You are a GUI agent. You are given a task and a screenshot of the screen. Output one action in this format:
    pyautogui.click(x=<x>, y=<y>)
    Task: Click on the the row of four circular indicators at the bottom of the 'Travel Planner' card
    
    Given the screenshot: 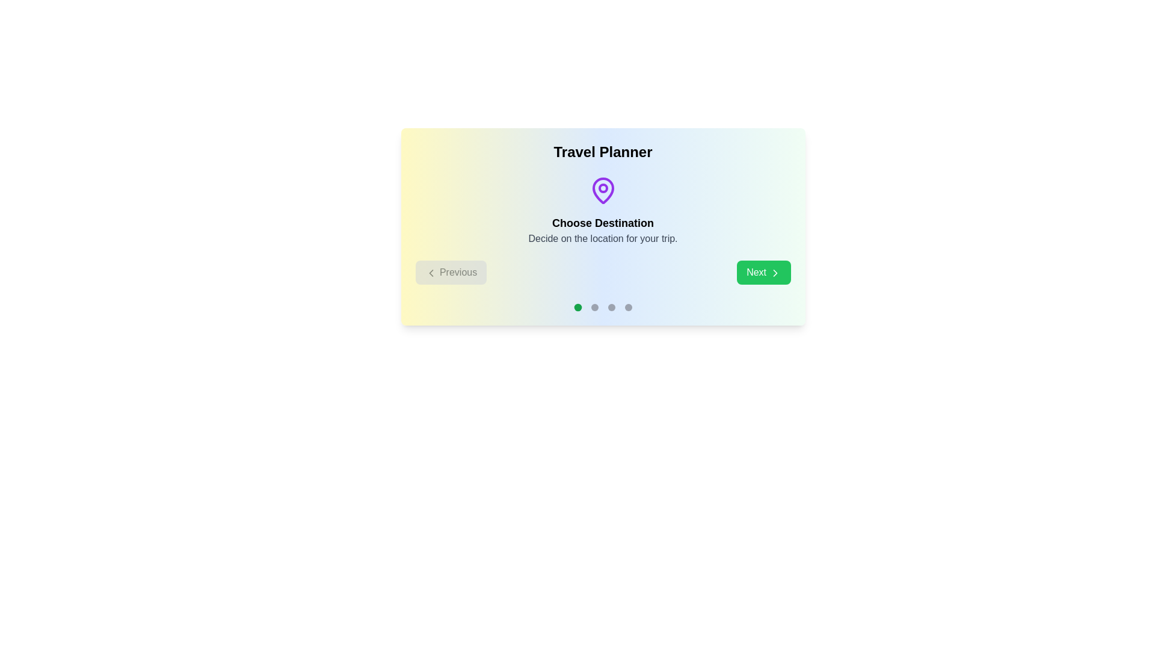 What is the action you would take?
    pyautogui.click(x=603, y=306)
    